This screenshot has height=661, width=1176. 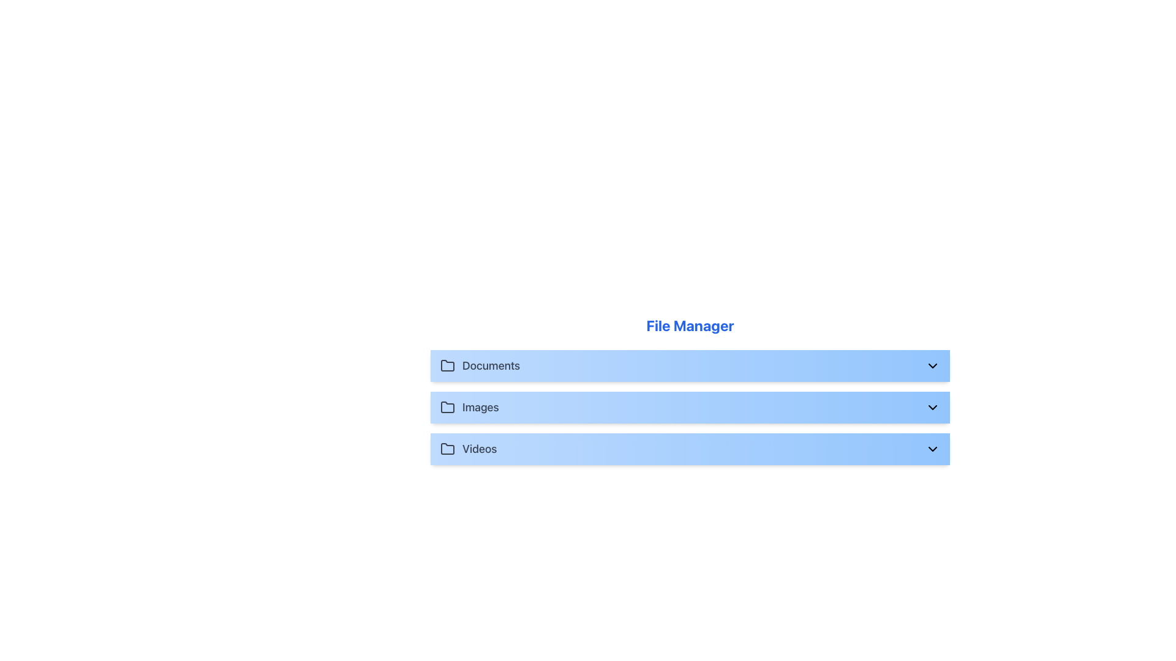 What do you see at coordinates (447, 406) in the screenshot?
I see `the folder icon that represents the 'Images' category, which is the second icon in a vertical list next to the 'Images' label` at bounding box center [447, 406].